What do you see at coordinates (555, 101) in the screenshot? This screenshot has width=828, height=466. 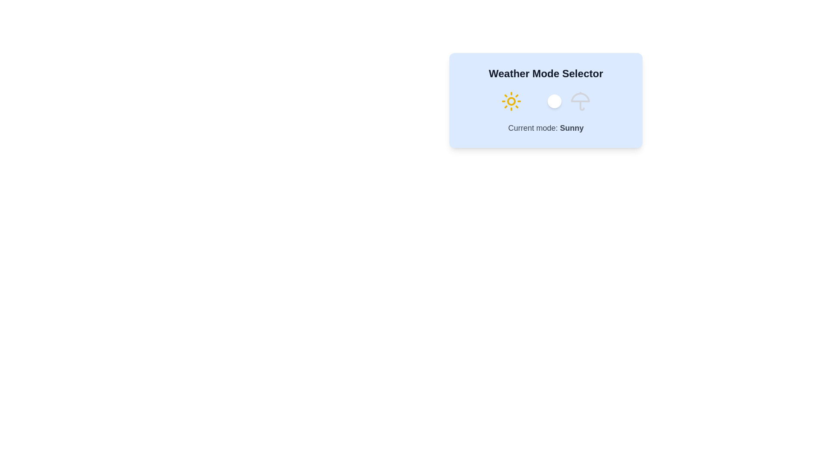 I see `the toggle knob located on the rightmost side of a horizontal yellow bar` at bounding box center [555, 101].